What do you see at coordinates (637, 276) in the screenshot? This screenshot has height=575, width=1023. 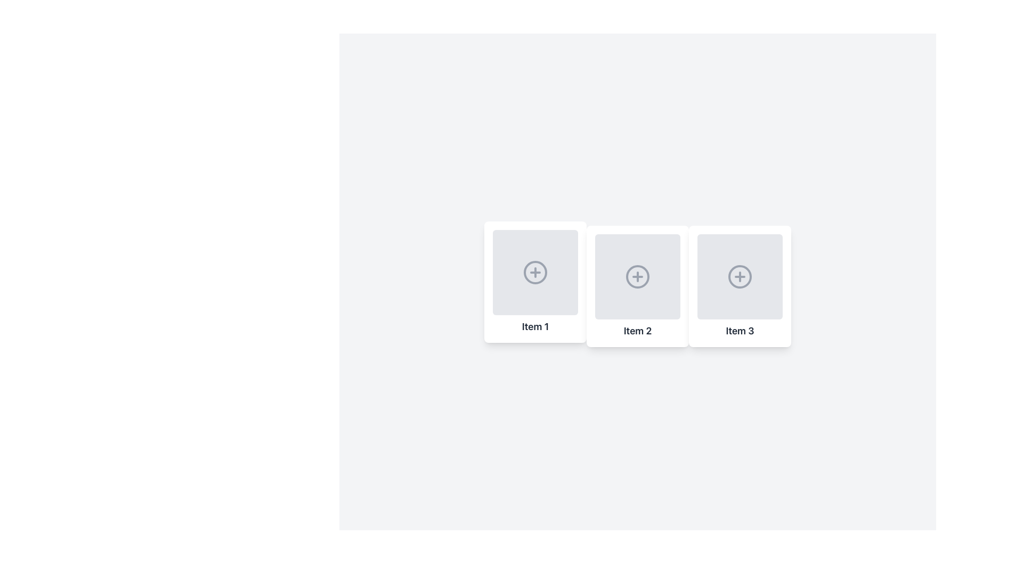 I see `the circular add button with a centered plus sign located in the middle card labeled 'Item 2'` at bounding box center [637, 276].